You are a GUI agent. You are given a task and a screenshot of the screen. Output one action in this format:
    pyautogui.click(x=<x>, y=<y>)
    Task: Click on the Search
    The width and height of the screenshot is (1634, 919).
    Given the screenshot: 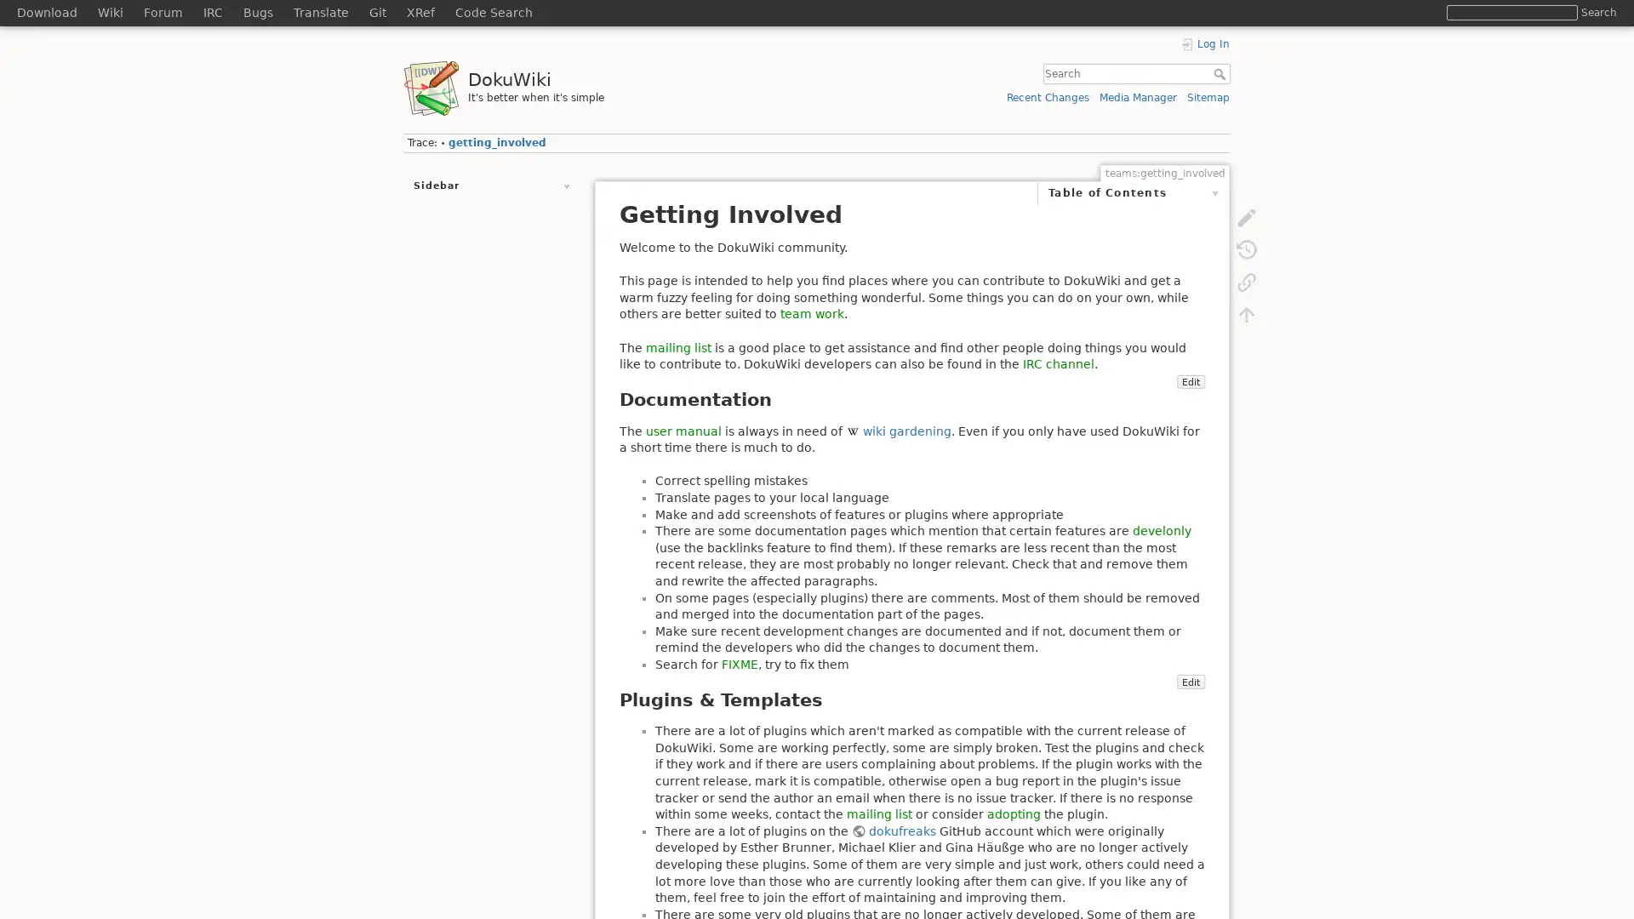 What is the action you would take?
    pyautogui.click(x=1597, y=12)
    